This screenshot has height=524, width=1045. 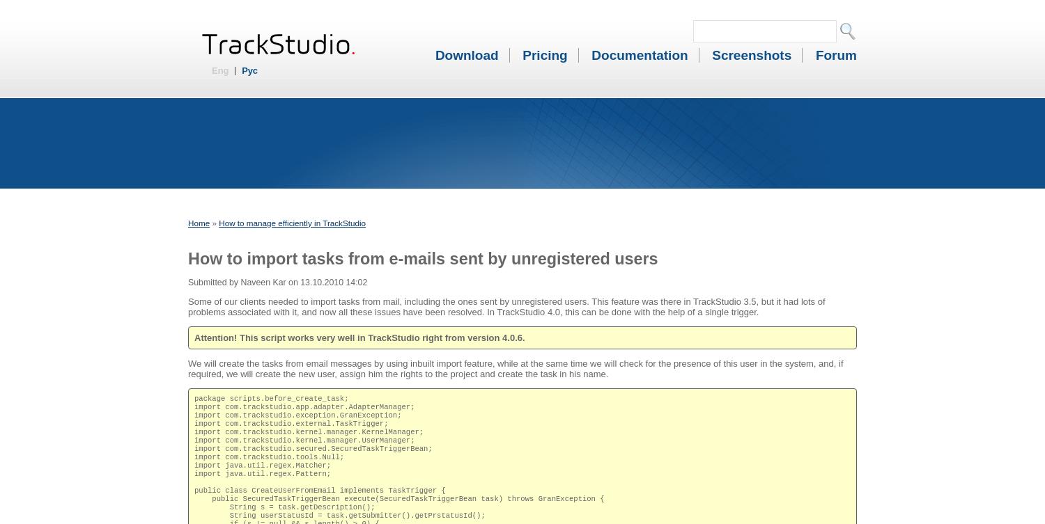 I want to click on 'How to import tasks from e-mails sent by unregistered users', so click(x=422, y=258).